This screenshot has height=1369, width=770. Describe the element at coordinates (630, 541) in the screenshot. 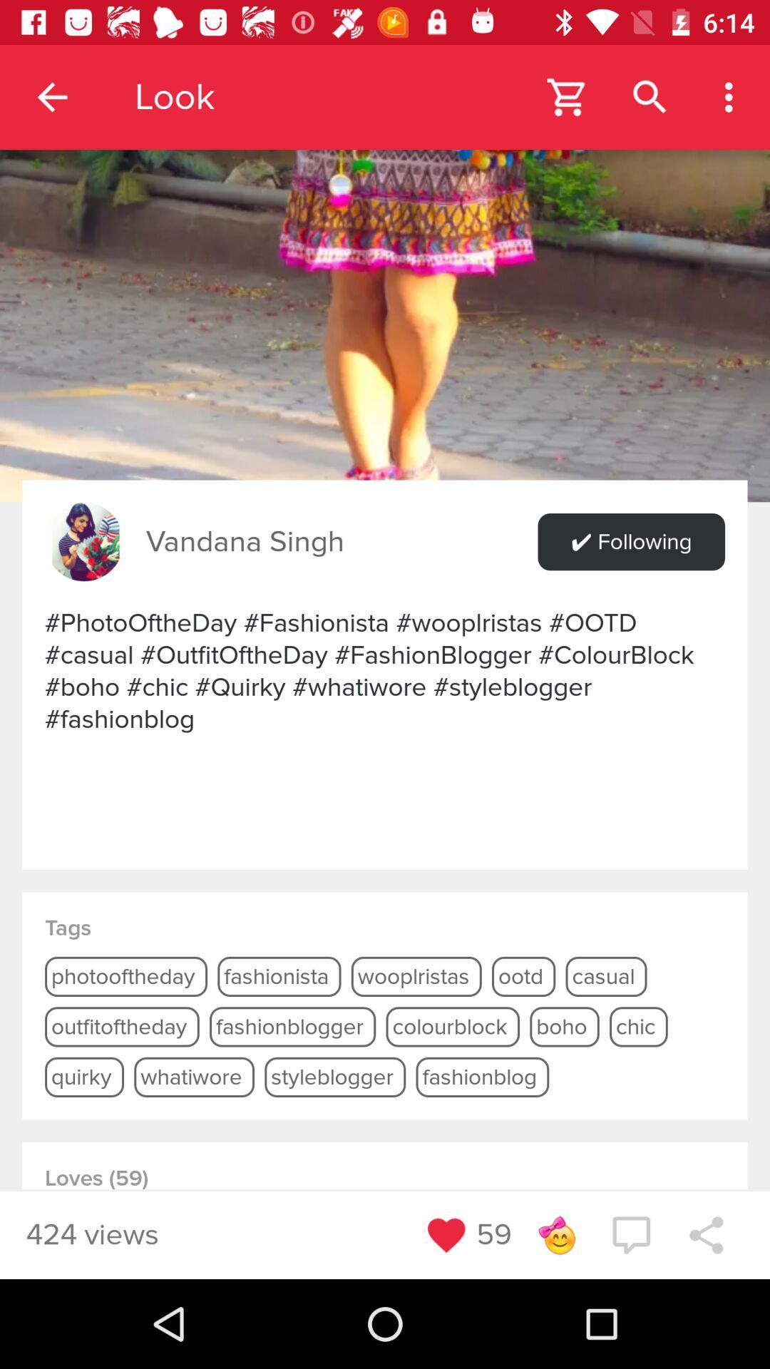

I see `icon to the right of the vandana singh icon` at that location.